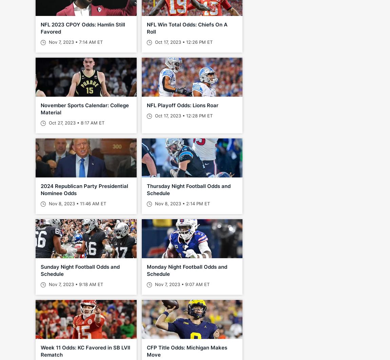  I want to click on 'Nov 7, 2023 • 7:14 AM ET', so click(75, 42).